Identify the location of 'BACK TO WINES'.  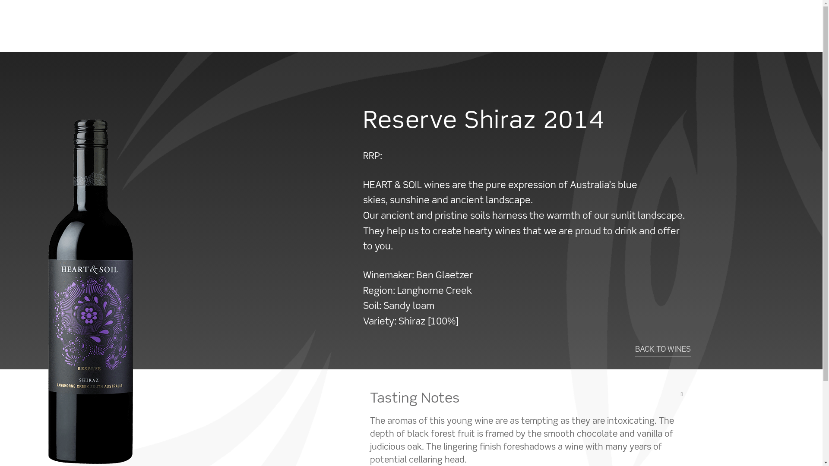
(635, 349).